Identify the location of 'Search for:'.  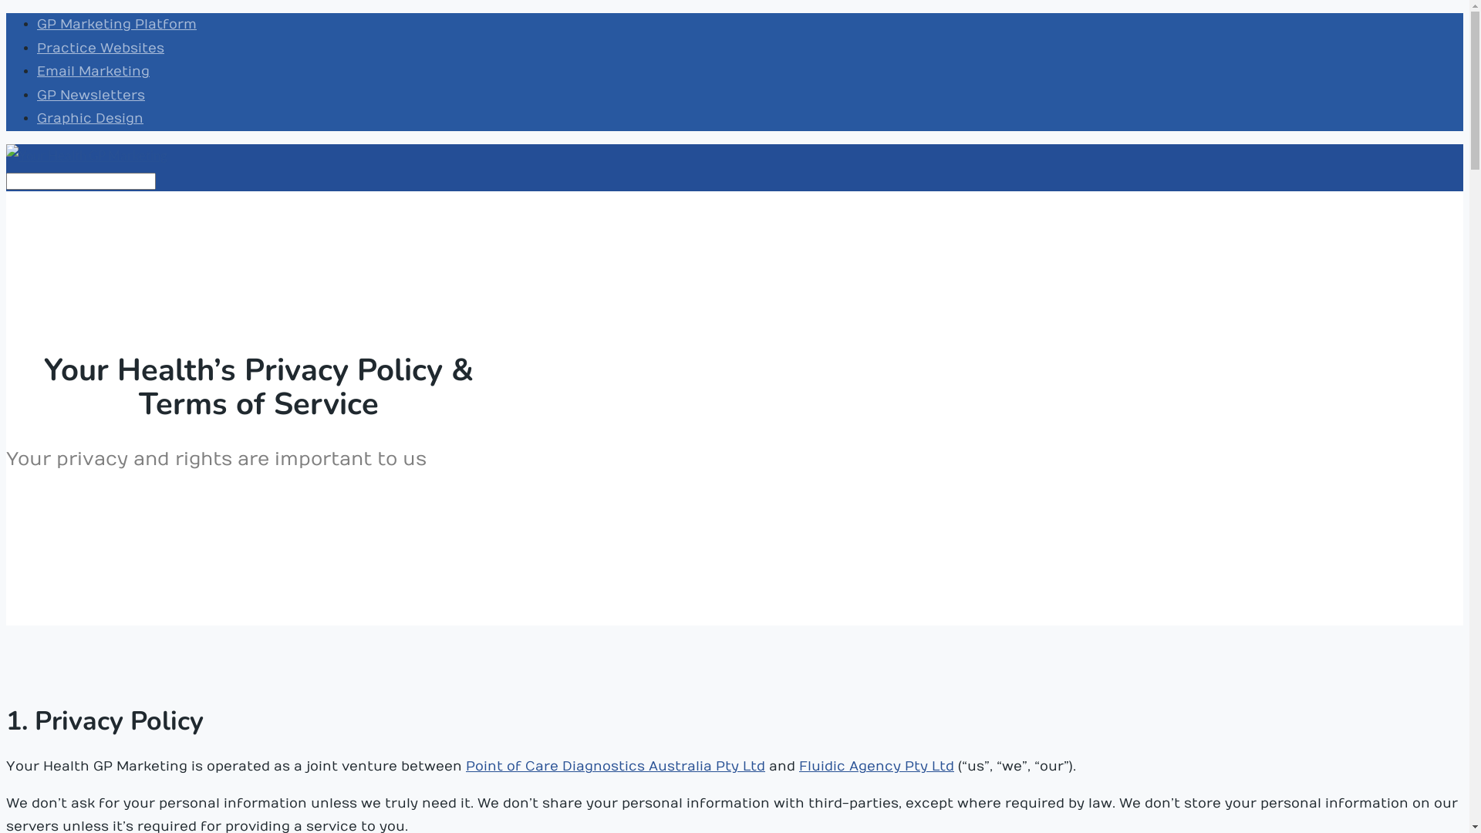
(6, 180).